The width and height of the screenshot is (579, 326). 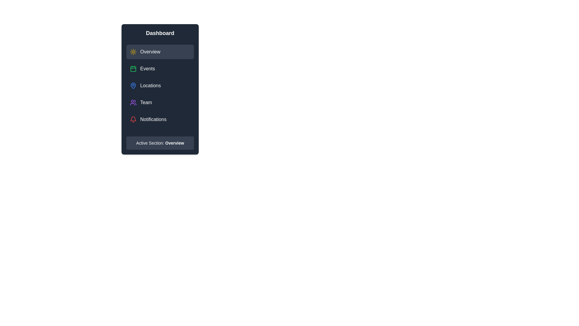 I want to click on the menu item Team to navigate to the corresponding section, so click(x=160, y=102).